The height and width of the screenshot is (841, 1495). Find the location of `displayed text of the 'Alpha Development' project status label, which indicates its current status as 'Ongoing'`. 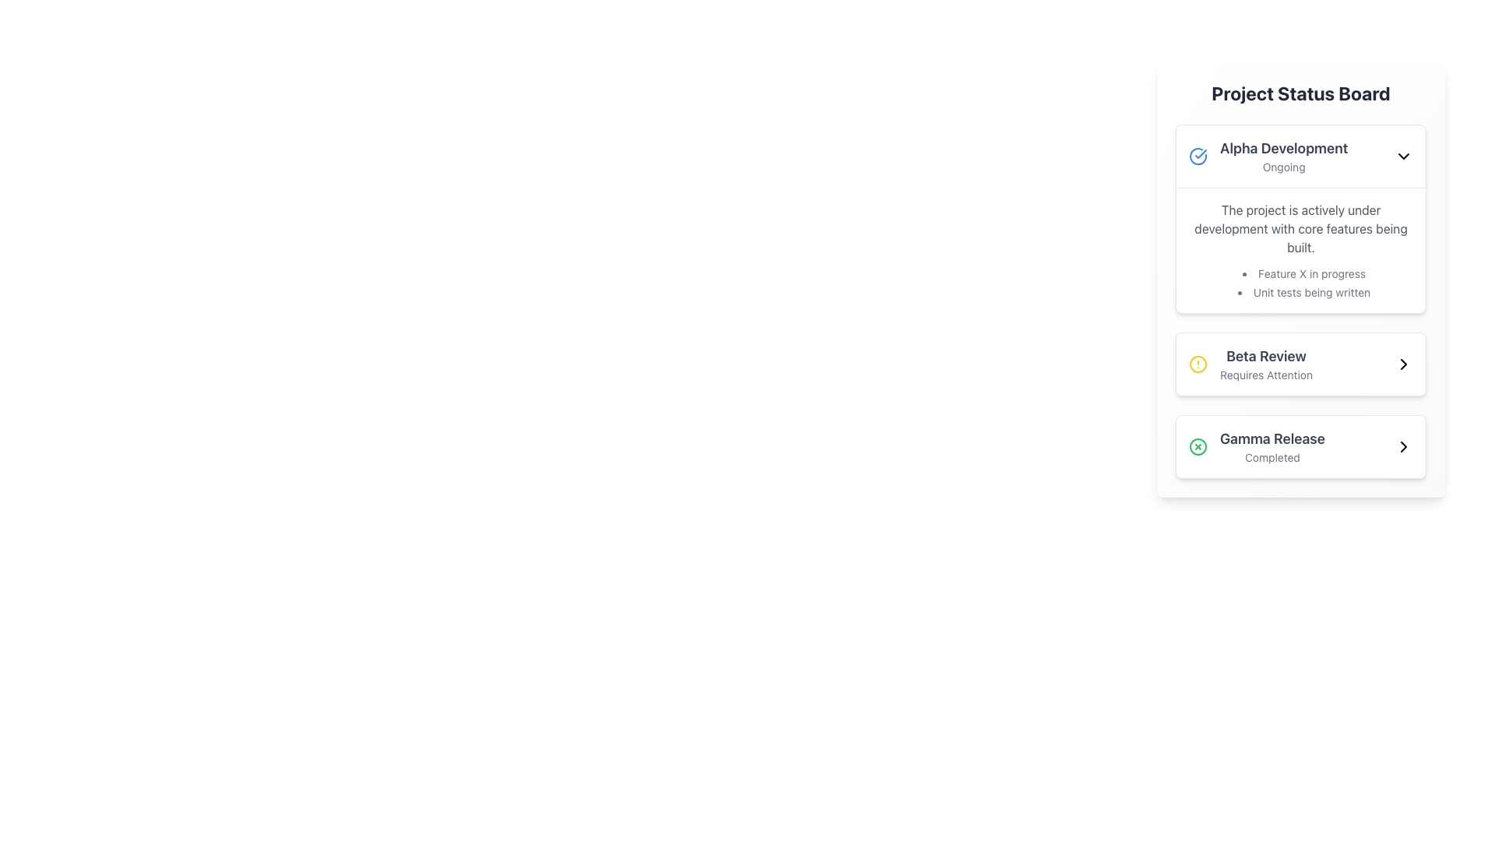

displayed text of the 'Alpha Development' project status label, which indicates its current status as 'Ongoing' is located at coordinates (1268, 156).